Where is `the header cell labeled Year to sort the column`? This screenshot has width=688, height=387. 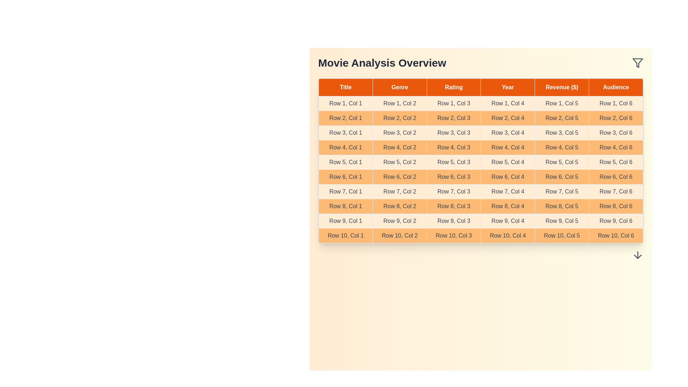
the header cell labeled Year to sort the column is located at coordinates (507, 87).